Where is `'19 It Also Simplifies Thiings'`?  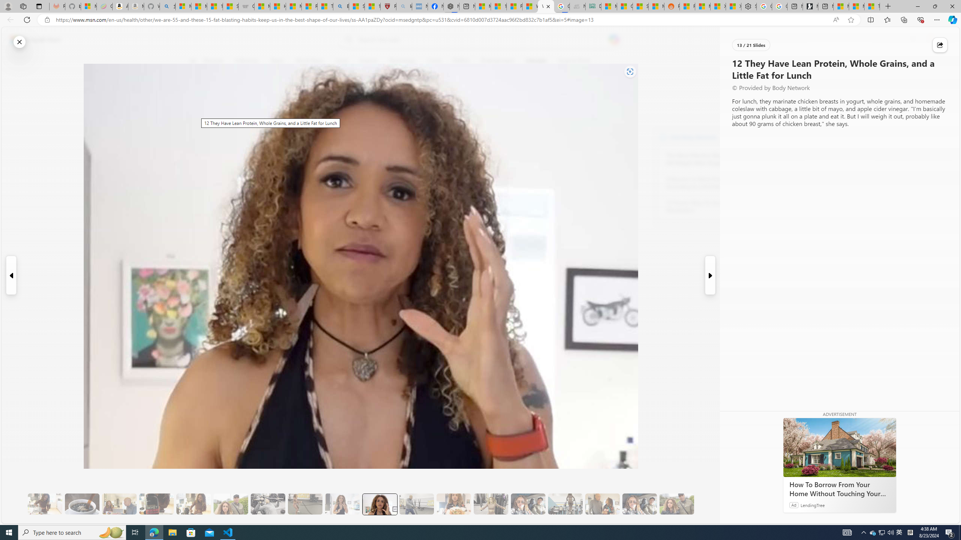
'19 It Also Simplifies Thiings' is located at coordinates (639, 504).